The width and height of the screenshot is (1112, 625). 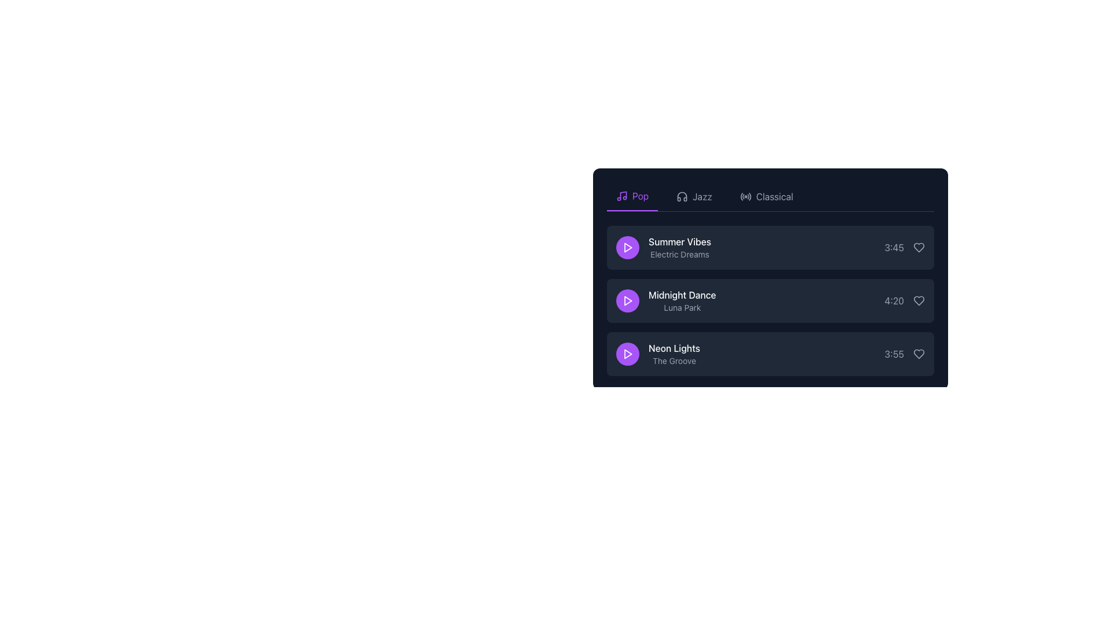 What do you see at coordinates (666, 300) in the screenshot?
I see `the 'Midnight Dance' text display component with the additional options, which consists of two lines of text on a dark background` at bounding box center [666, 300].